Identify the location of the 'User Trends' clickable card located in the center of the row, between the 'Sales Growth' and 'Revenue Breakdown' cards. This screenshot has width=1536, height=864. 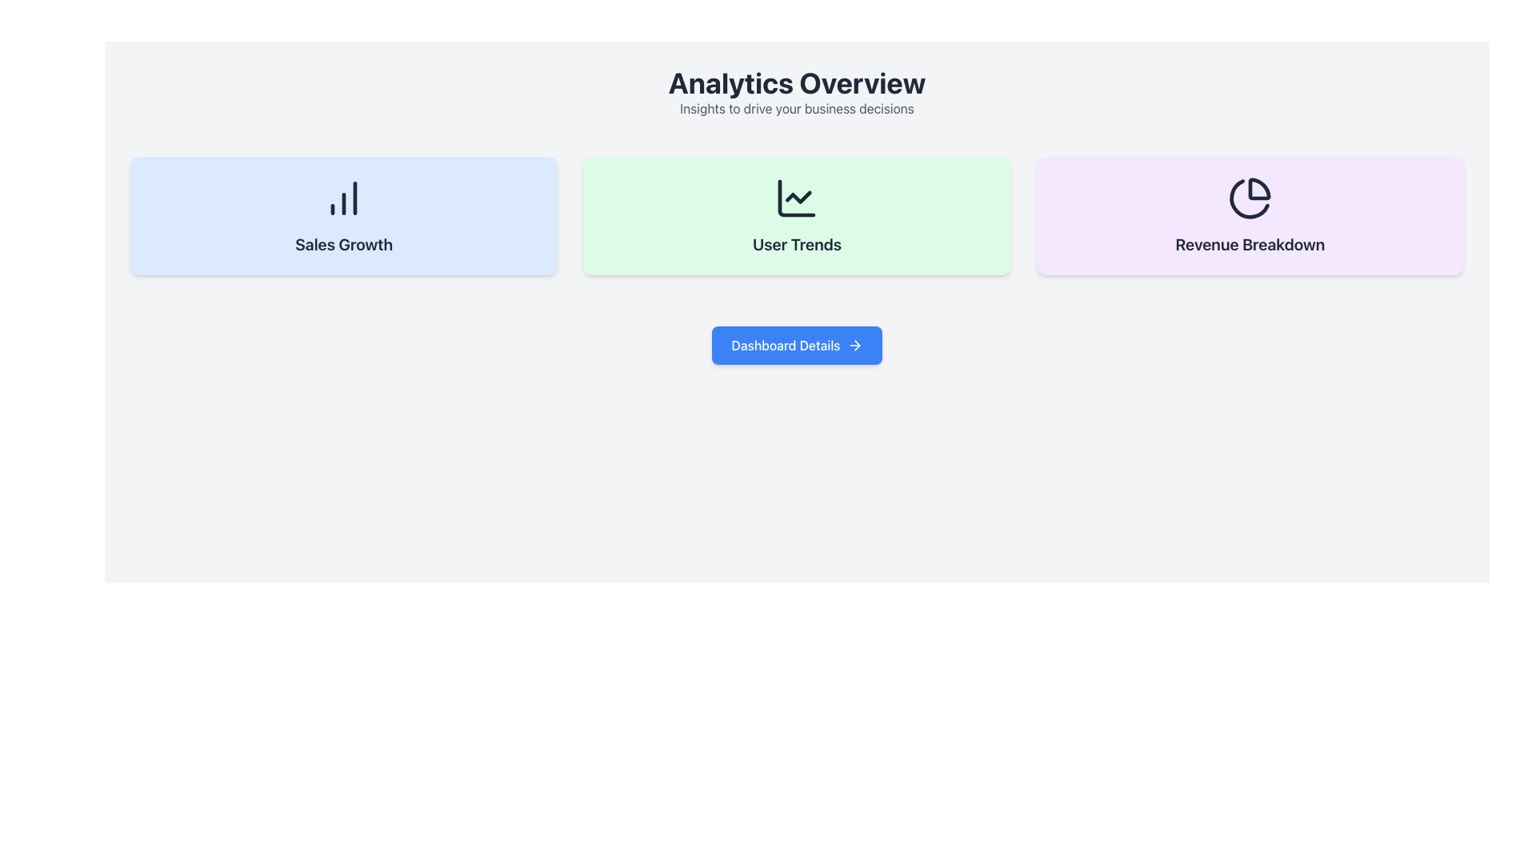
(797, 216).